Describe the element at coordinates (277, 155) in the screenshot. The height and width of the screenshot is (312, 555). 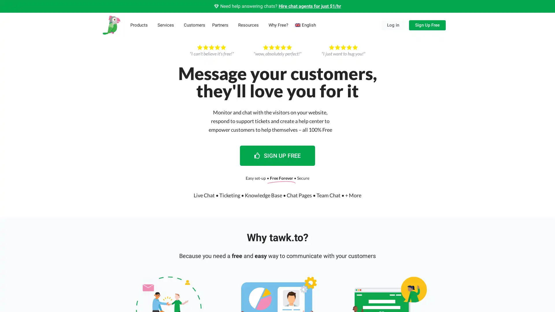
I see `SIGN UP FREE` at that location.